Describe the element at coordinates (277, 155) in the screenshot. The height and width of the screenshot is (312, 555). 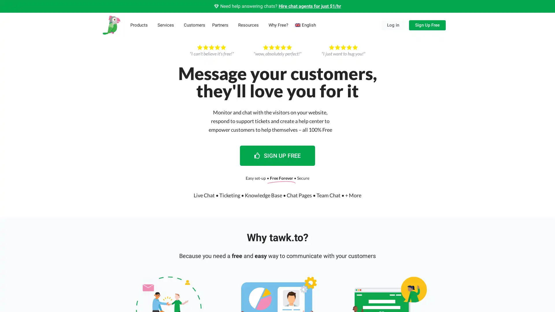
I see `SIGN UP FREE` at that location.